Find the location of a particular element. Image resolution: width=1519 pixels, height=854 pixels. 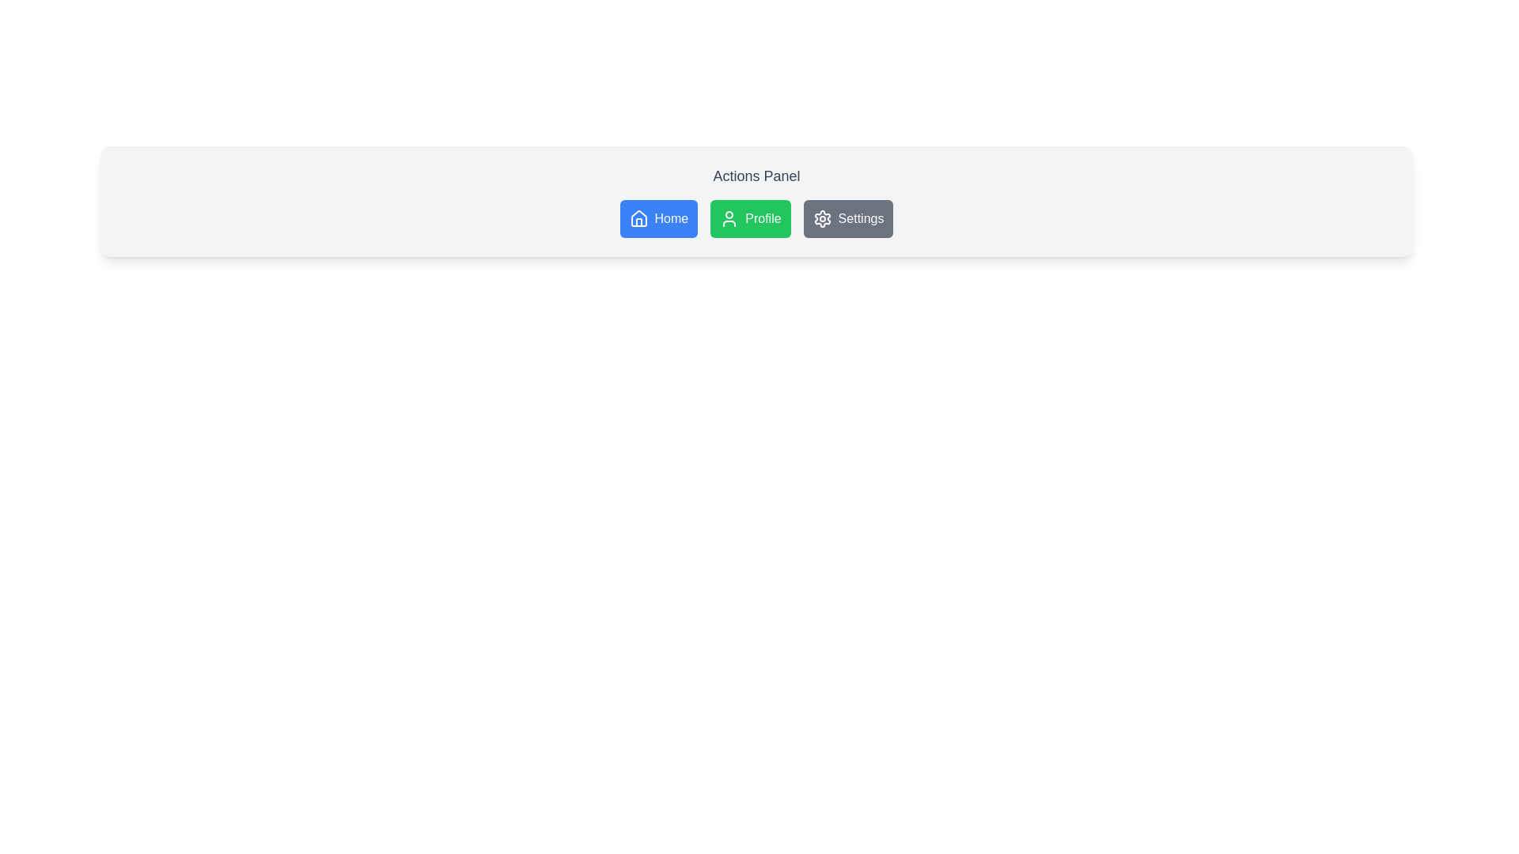

the second button in a horizontal row of three buttons is located at coordinates (749, 219).